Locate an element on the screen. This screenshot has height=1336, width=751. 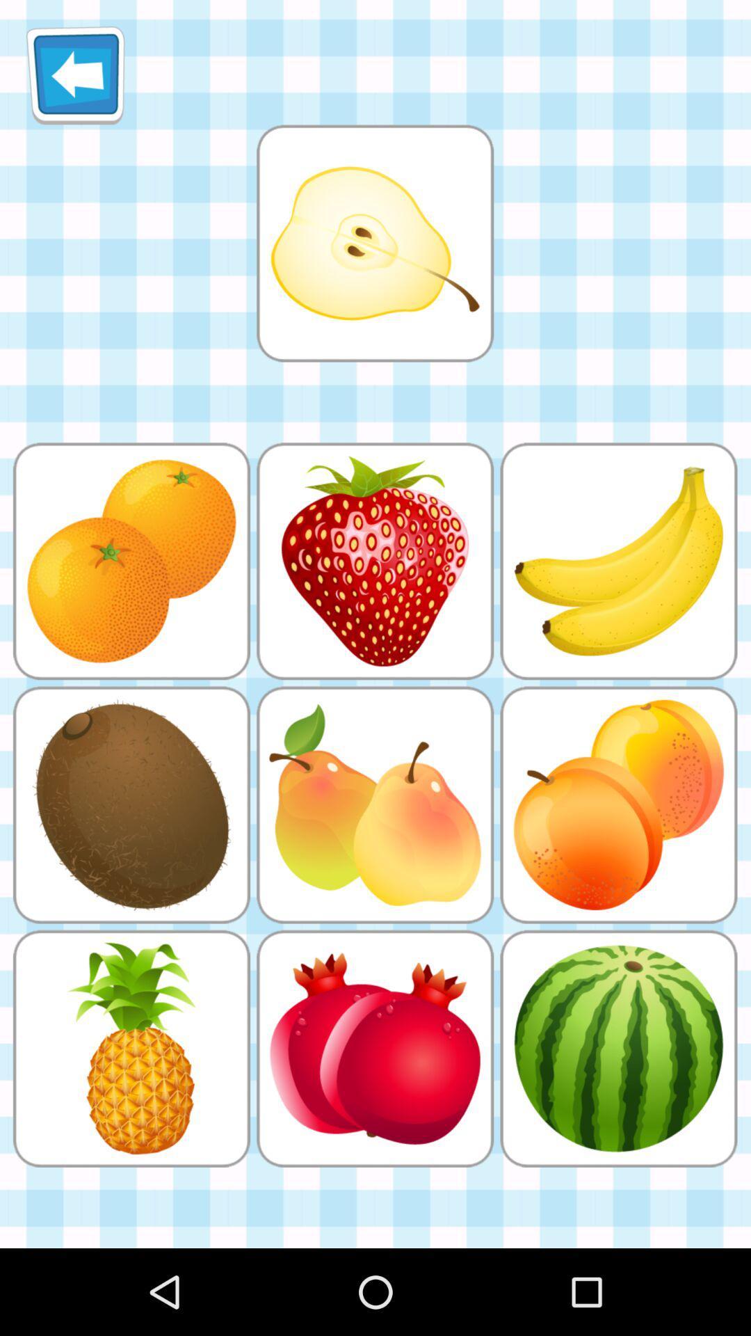
item is located at coordinates (374, 243).